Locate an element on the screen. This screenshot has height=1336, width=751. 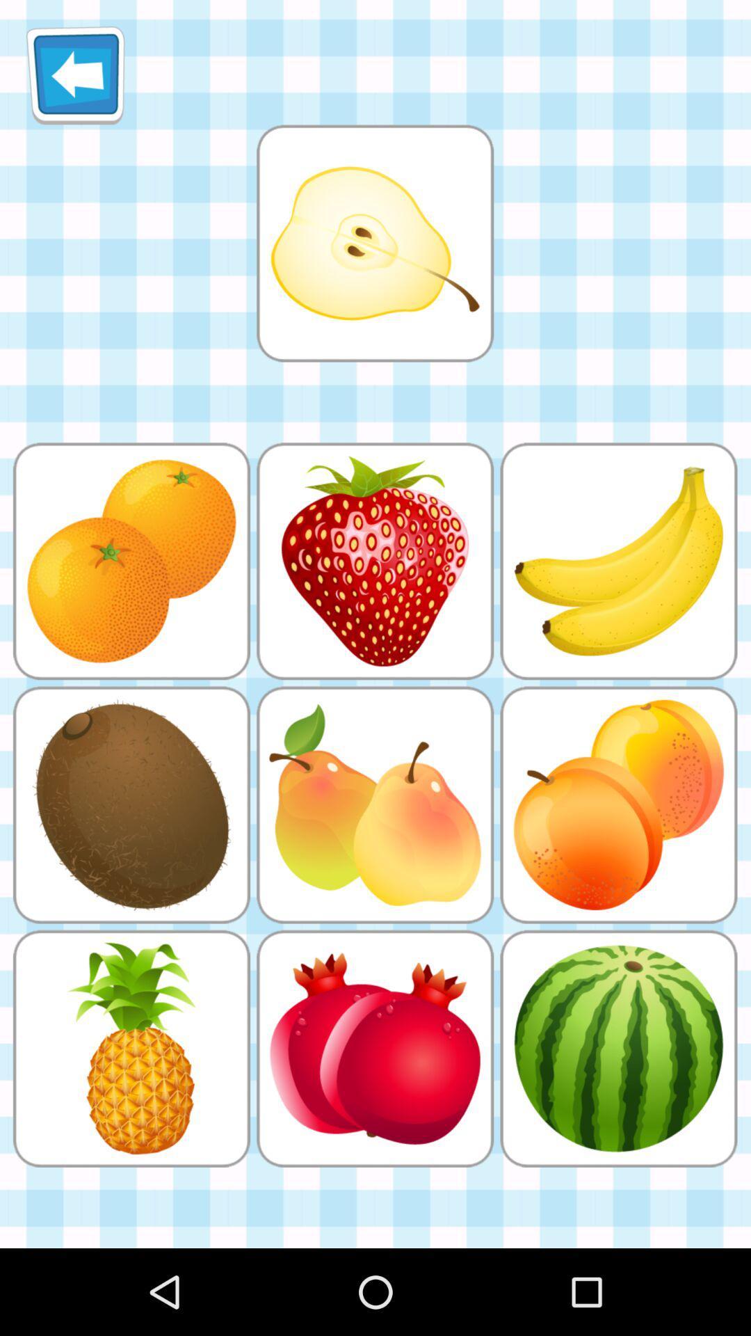
item is located at coordinates (374, 243).